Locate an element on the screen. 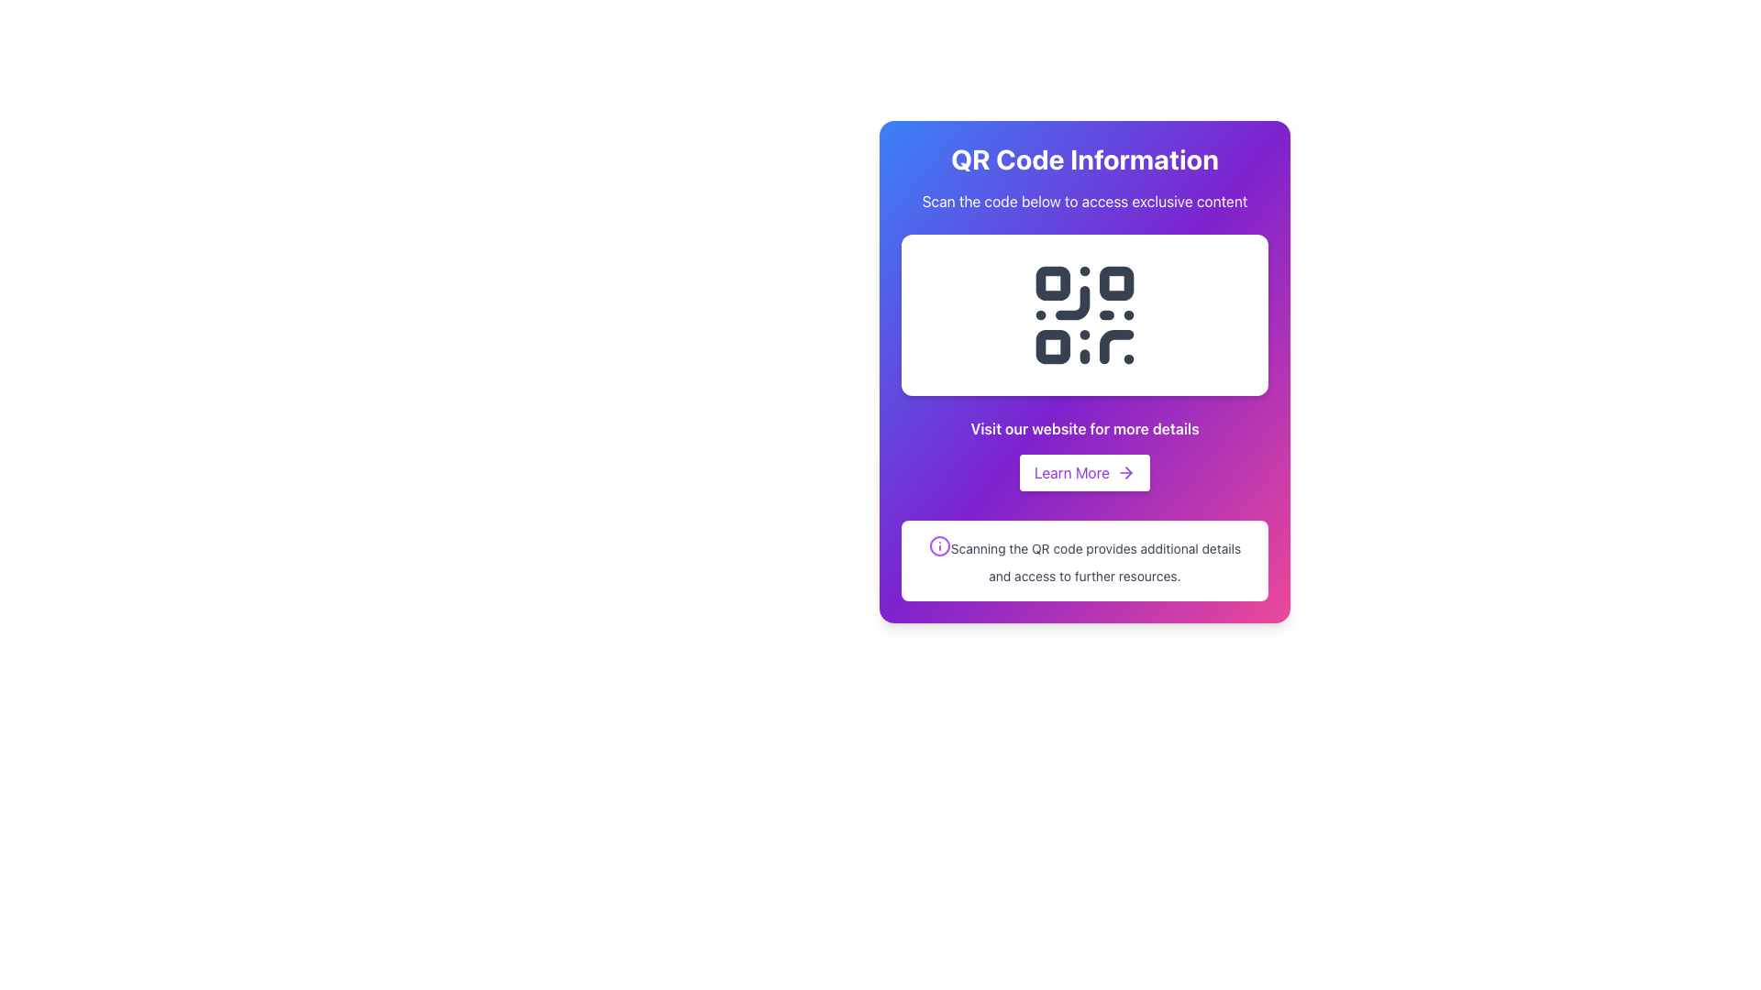  the 'Learn More' button that is decorated by the arrowhead SVG graphic positioned to its right is located at coordinates (1126, 472).